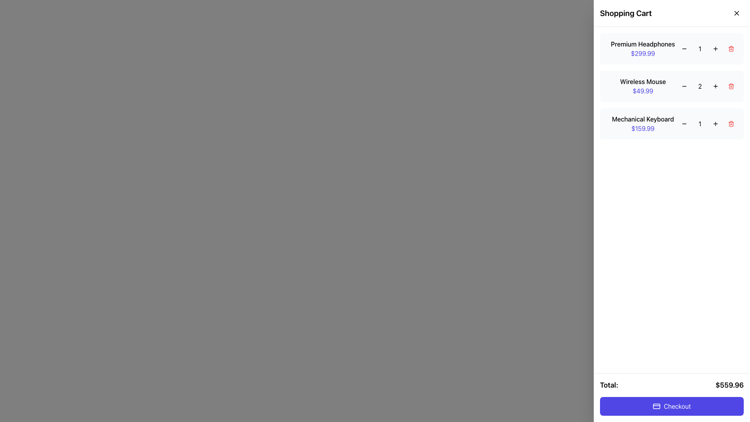 This screenshot has height=422, width=750. Describe the element at coordinates (643, 44) in the screenshot. I see `the bold text label reading 'Premium Headphones' located at the top of the product listing in the shopping cart interface` at that location.